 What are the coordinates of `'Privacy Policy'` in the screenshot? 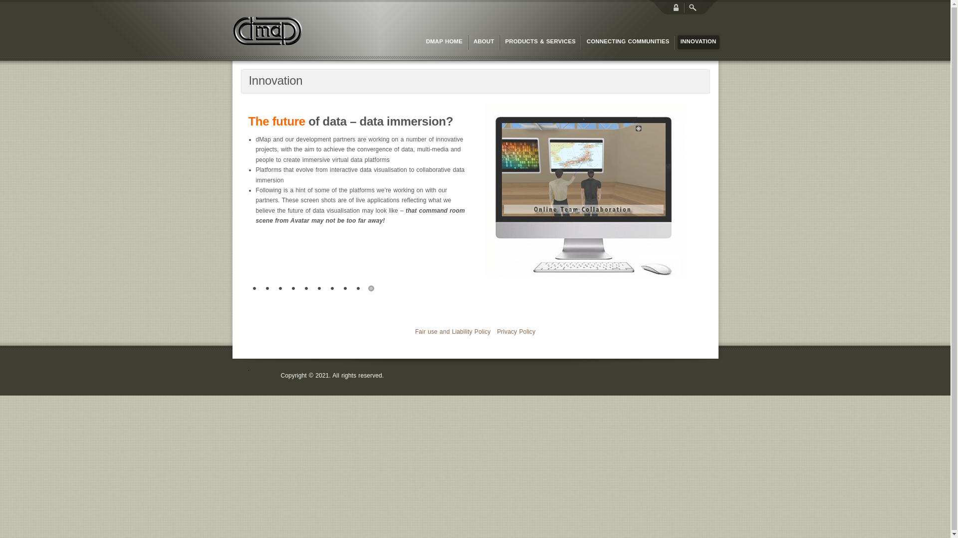 It's located at (516, 332).